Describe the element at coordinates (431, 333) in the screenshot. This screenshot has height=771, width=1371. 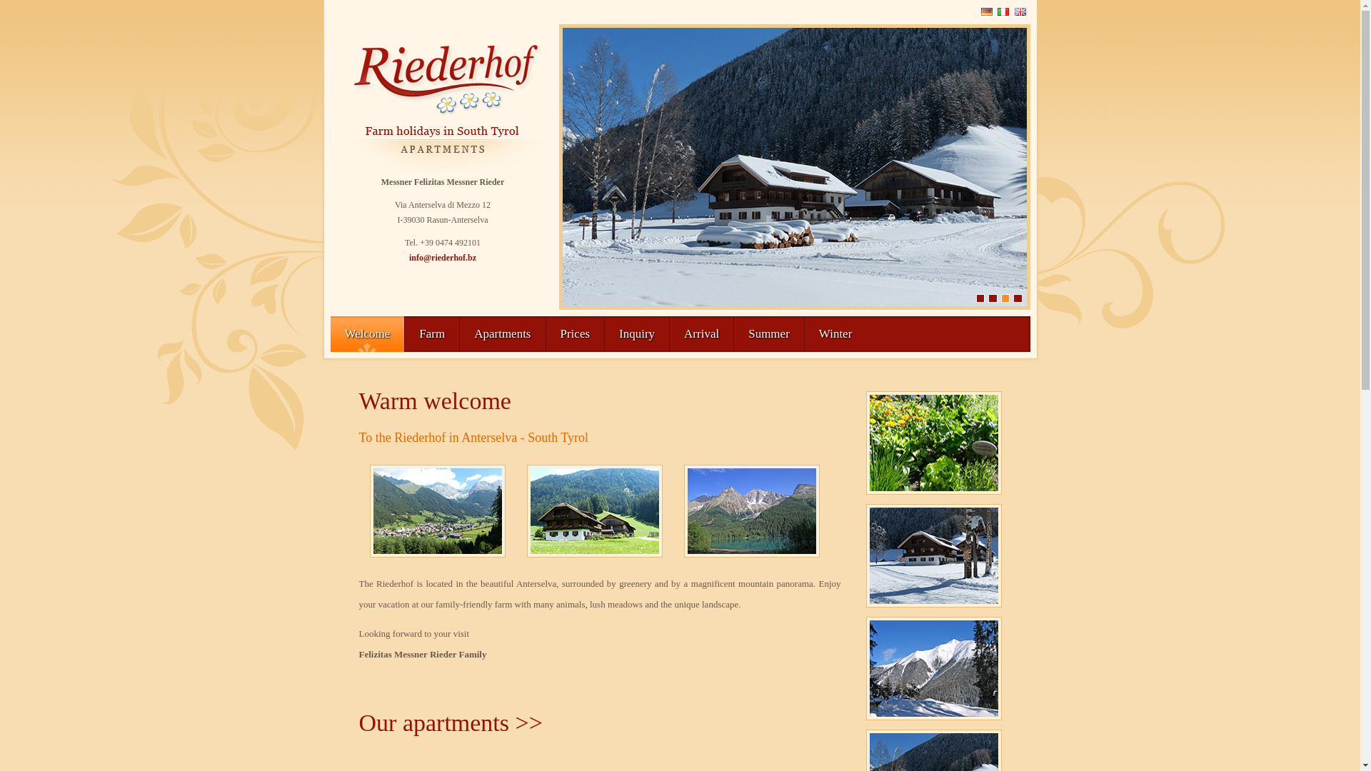
I see `'Farm'` at that location.